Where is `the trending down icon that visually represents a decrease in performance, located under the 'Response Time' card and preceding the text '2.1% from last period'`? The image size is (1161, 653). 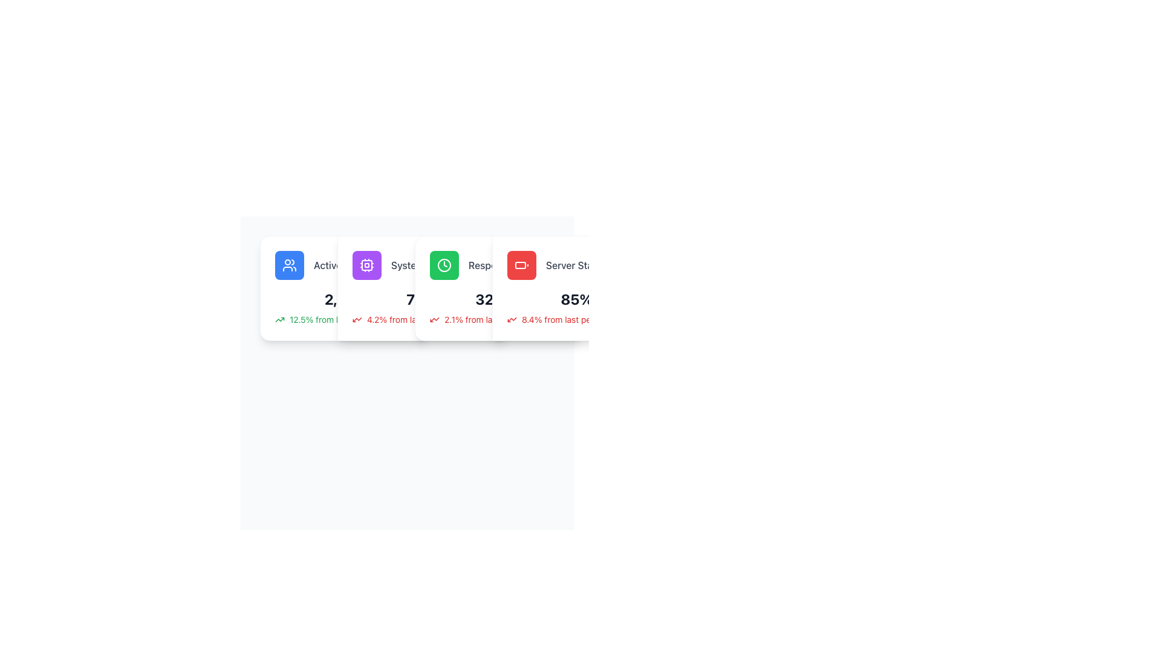 the trending down icon that visually represents a decrease in performance, located under the 'Response Time' card and preceding the text '2.1% from last period' is located at coordinates (435, 319).